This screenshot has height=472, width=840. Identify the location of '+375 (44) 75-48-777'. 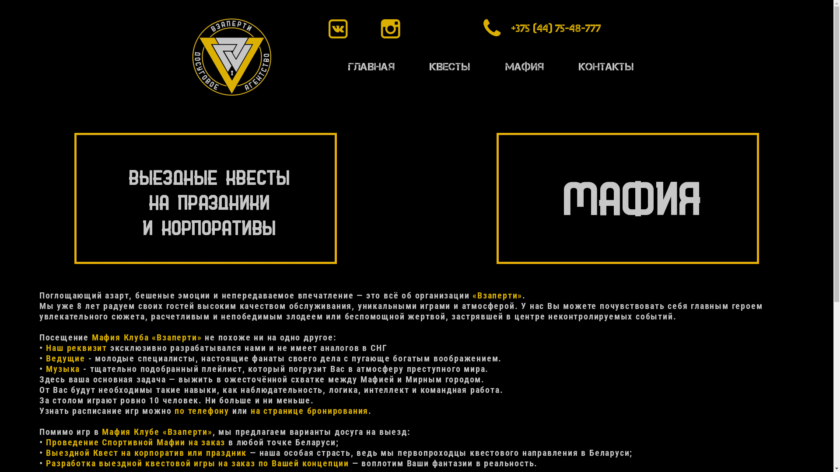
(506, 28).